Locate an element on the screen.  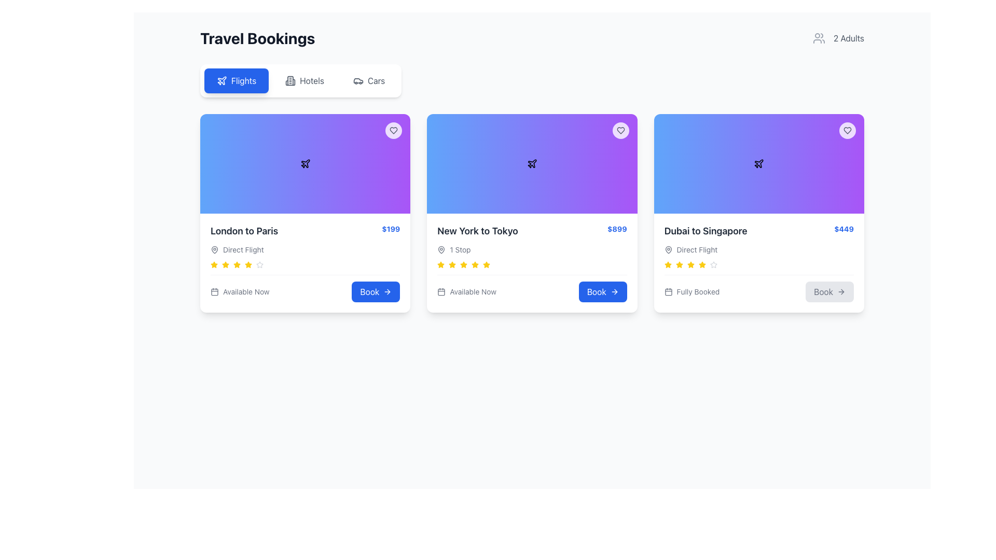
the small triangular icon resembling a rightward arrow located within the 'Book' button on the 'London to Paris' card, which is the leftmost card in the horizontal list is located at coordinates (388, 292).